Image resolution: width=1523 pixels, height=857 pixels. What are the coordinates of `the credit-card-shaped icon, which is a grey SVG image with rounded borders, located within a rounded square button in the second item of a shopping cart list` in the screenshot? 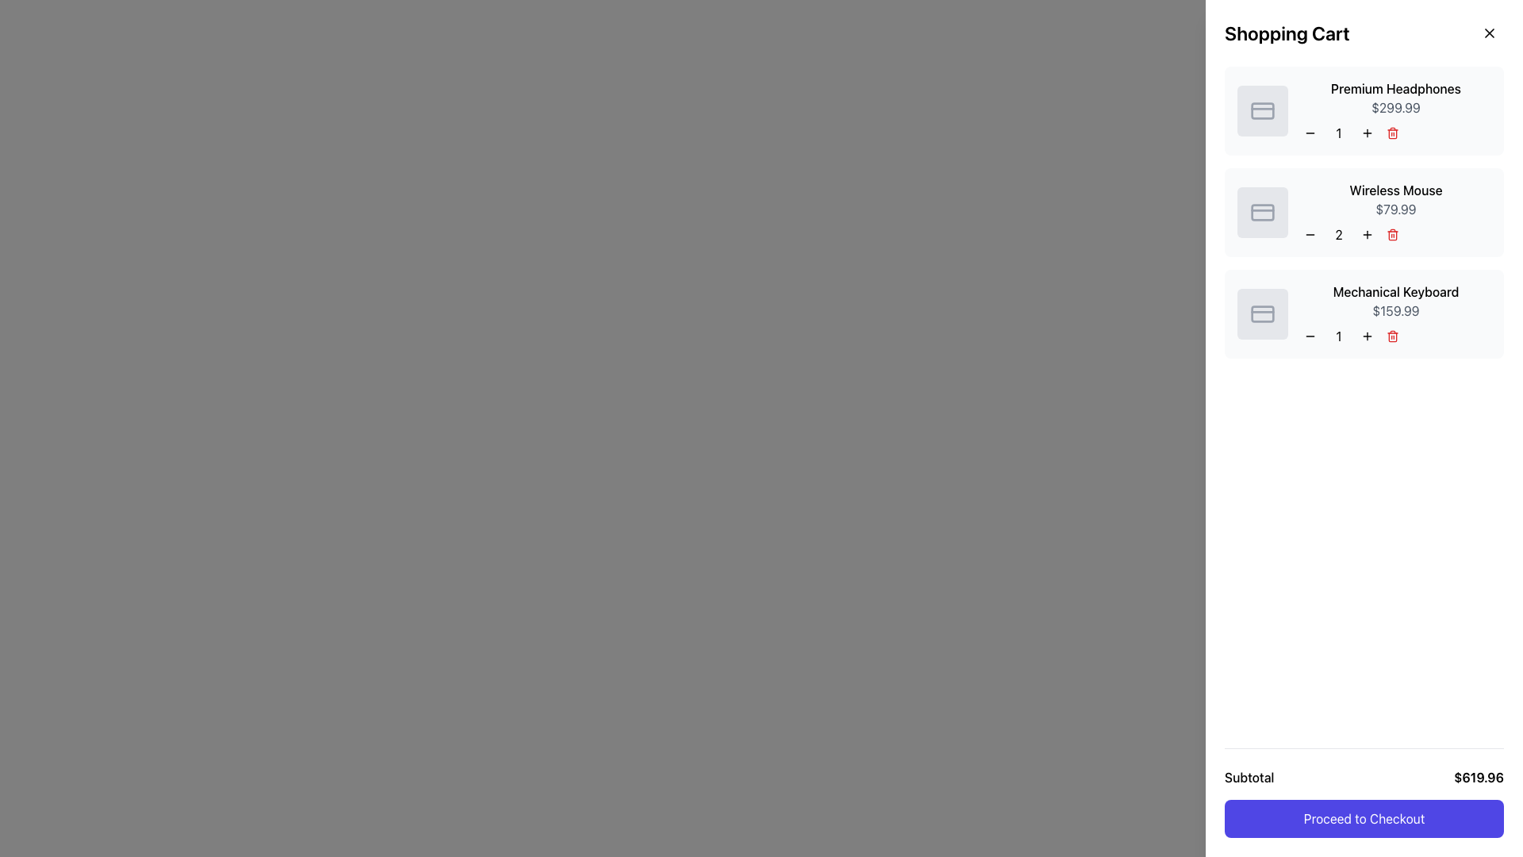 It's located at (1262, 211).